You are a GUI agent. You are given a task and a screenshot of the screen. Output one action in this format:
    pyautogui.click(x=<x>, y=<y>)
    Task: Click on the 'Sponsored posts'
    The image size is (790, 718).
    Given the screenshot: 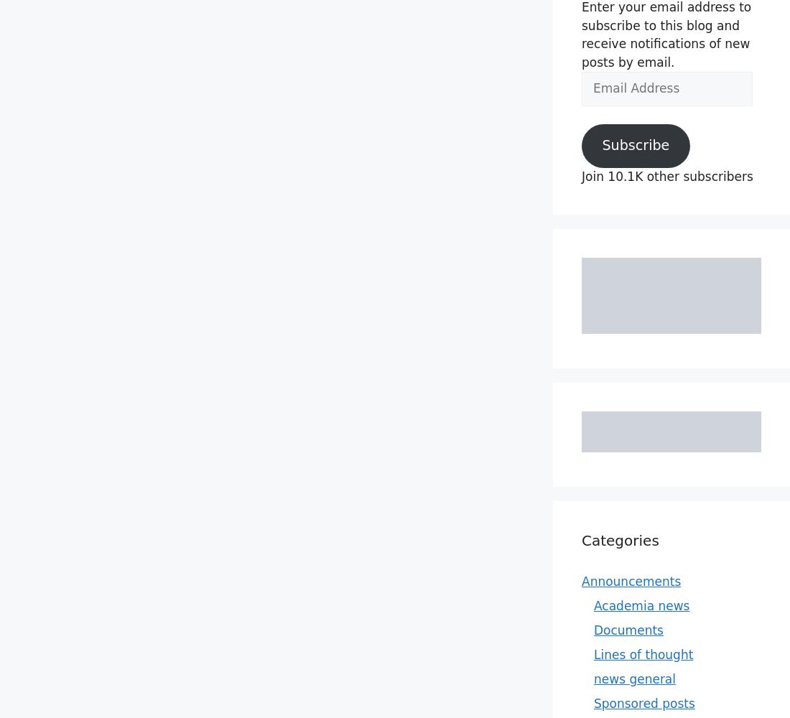 What is the action you would take?
    pyautogui.click(x=644, y=702)
    